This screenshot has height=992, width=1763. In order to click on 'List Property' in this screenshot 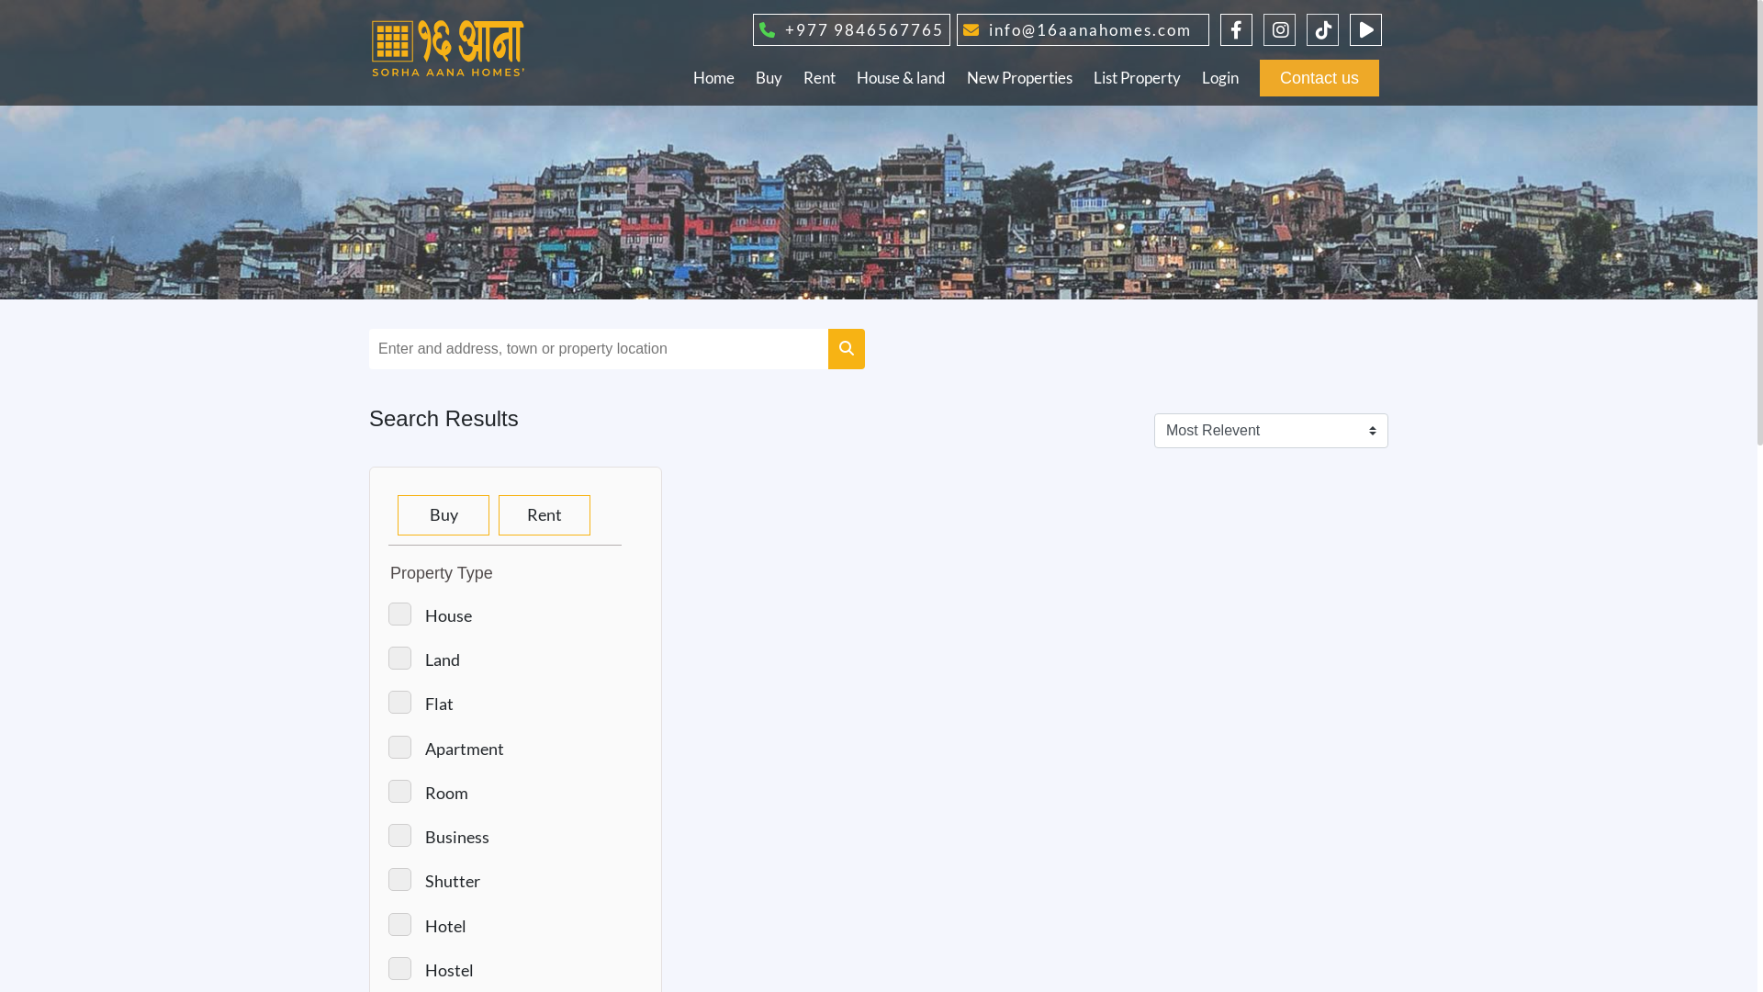, I will do `click(1136, 76)`.